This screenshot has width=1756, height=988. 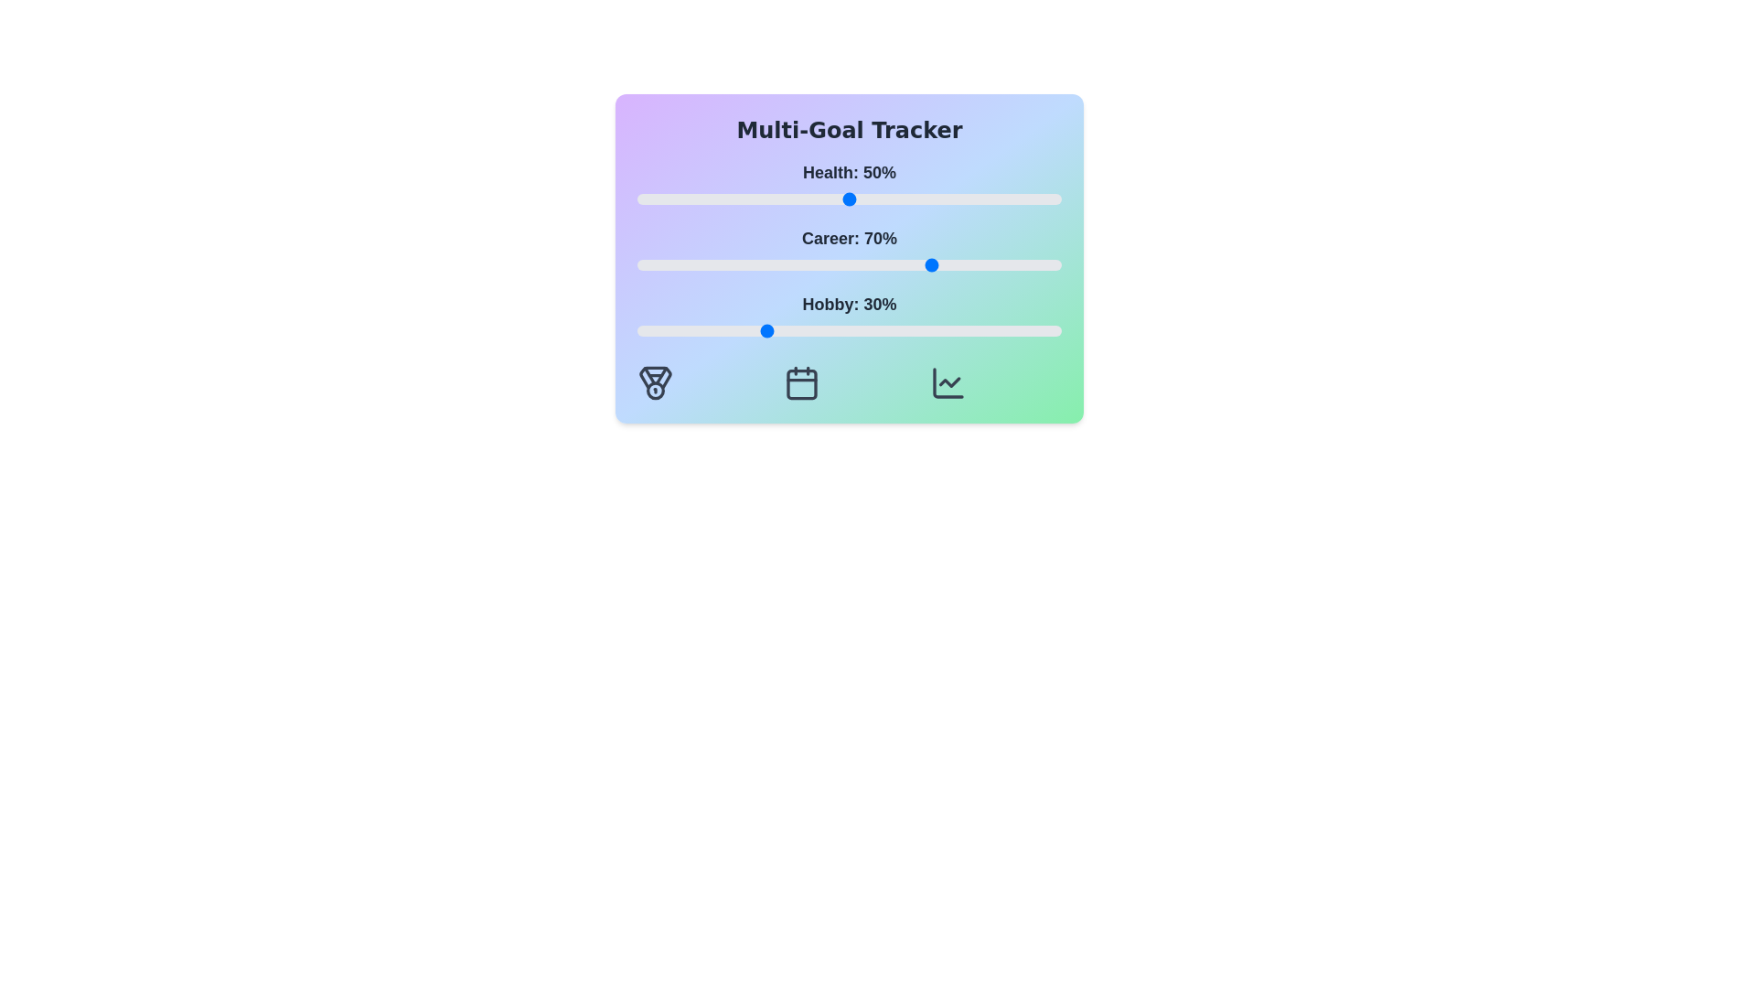 I want to click on the 'Health' slider to 75%, so click(x=955, y=199).